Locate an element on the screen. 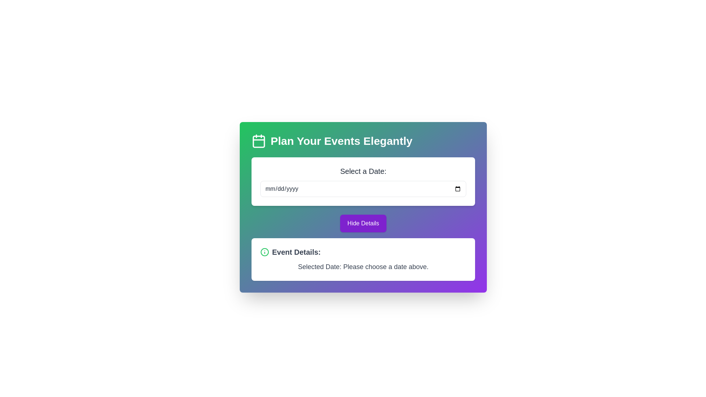 This screenshot has height=397, width=706. the button that toggles the visibility of the details section below the 'Select a Date:' section to change its color is located at coordinates (363, 223).